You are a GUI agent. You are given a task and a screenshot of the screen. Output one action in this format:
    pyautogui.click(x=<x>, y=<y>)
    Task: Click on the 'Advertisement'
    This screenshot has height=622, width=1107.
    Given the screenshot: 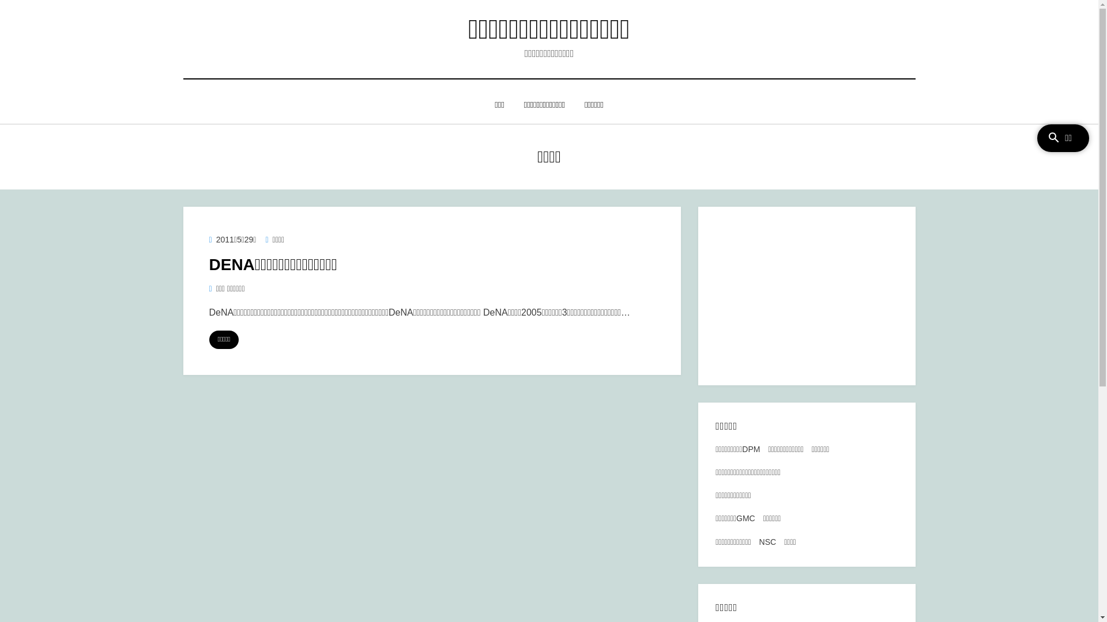 What is the action you would take?
    pyautogui.click(x=805, y=295)
    